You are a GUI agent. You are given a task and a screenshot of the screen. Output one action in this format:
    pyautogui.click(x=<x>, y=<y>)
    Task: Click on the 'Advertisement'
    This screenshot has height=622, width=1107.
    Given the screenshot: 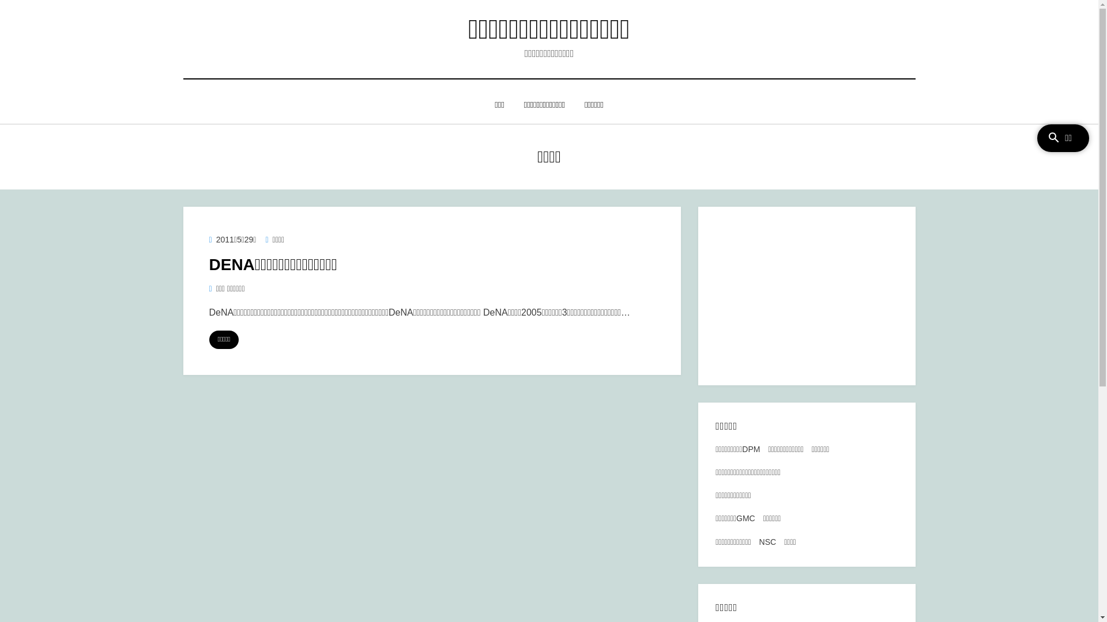 What is the action you would take?
    pyautogui.click(x=805, y=295)
    